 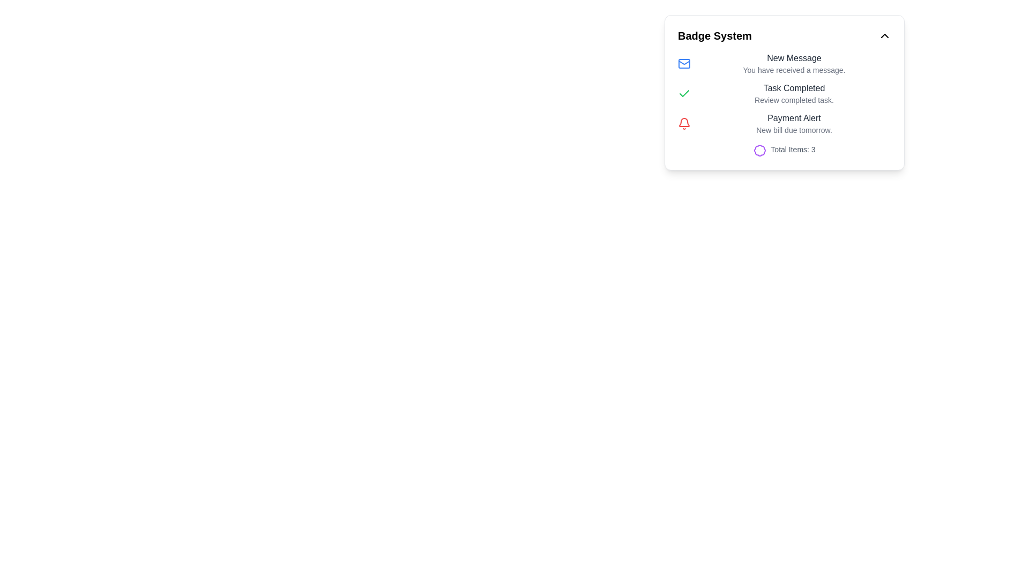 What do you see at coordinates (794, 58) in the screenshot?
I see `the 'New Message' text label in the notification panel labeled 'Badge System' to scan the title for a quick notification overview` at bounding box center [794, 58].